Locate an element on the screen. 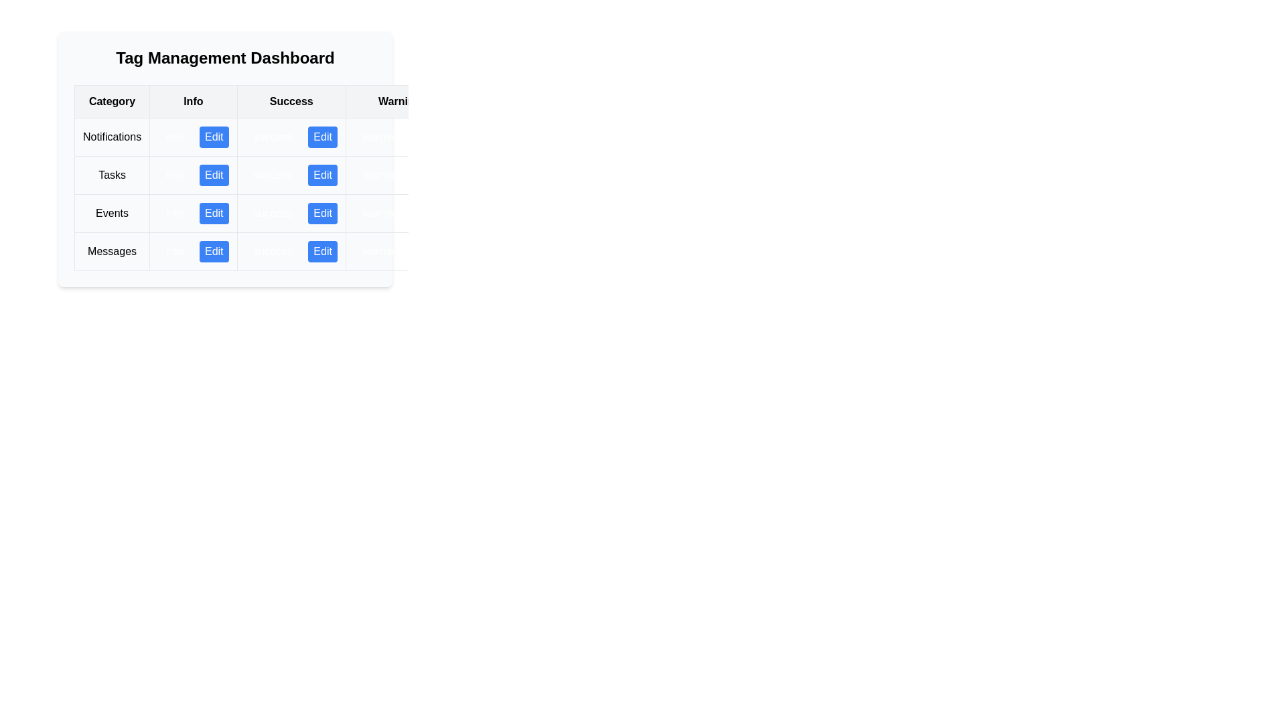 The image size is (1286, 723). the 'Messages' label in the 'Category' column of the table, which is the fourth entry below 'Events' is located at coordinates (112, 251).